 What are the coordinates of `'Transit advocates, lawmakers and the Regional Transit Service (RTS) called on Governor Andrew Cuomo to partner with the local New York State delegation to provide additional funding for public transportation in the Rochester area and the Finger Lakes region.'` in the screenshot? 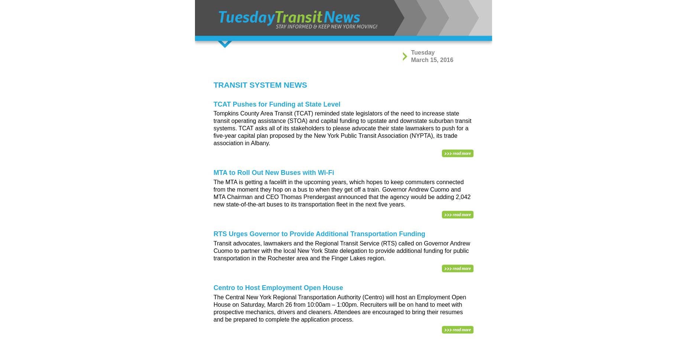 It's located at (342, 250).